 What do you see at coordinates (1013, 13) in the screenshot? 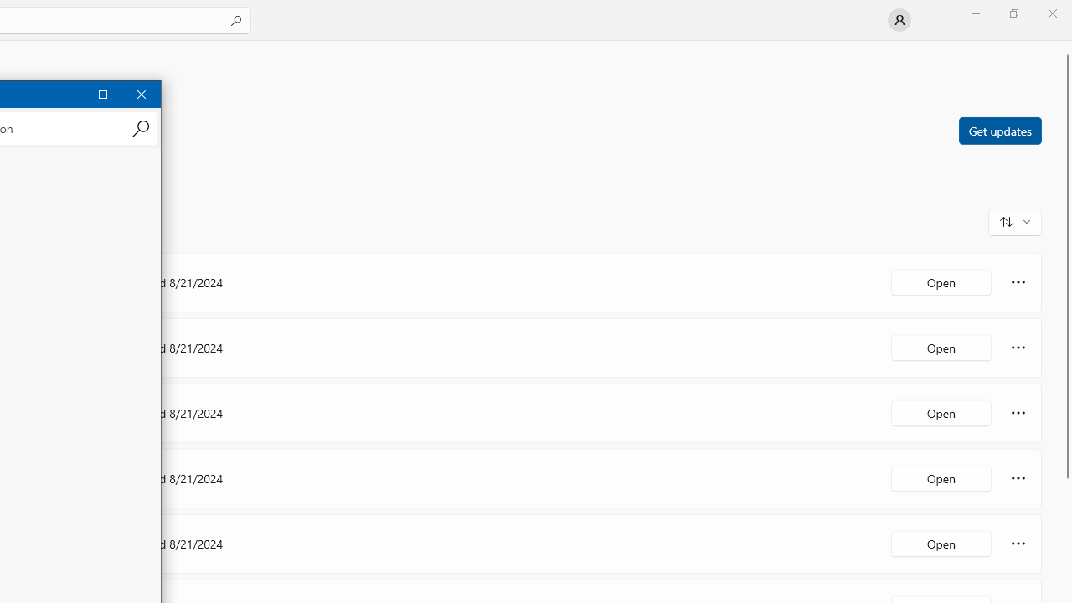
I see `'Restore Microsoft Store'` at bounding box center [1013, 13].